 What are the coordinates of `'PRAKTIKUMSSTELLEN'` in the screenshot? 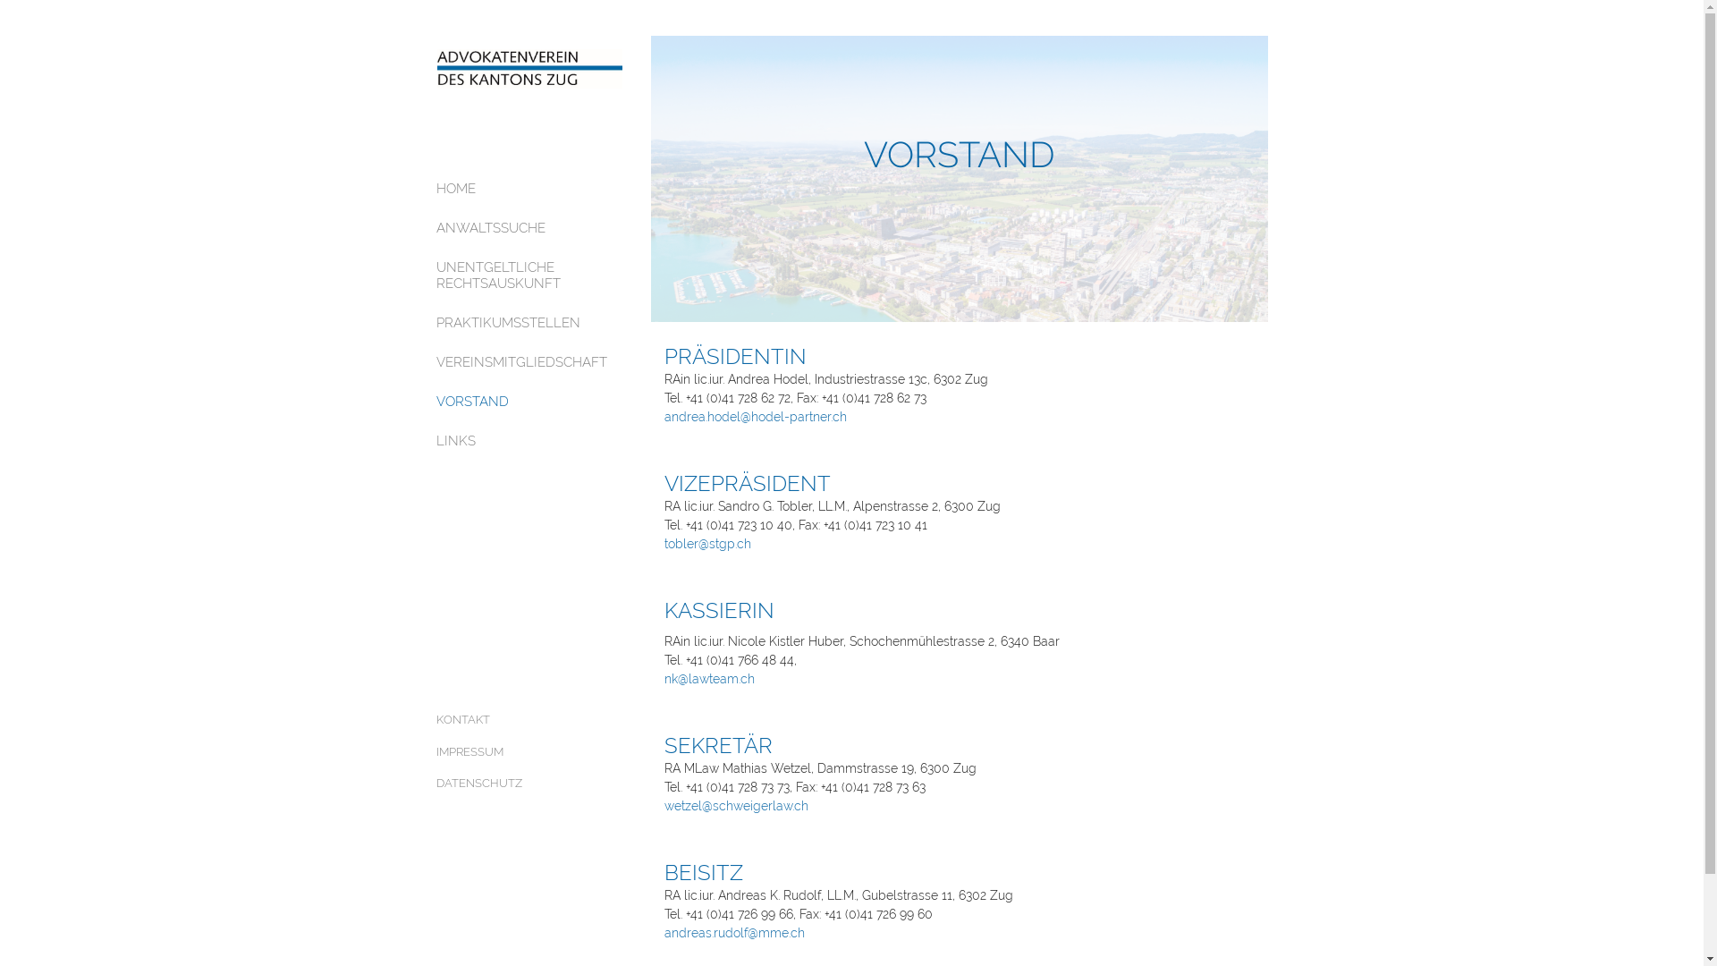 It's located at (529, 323).